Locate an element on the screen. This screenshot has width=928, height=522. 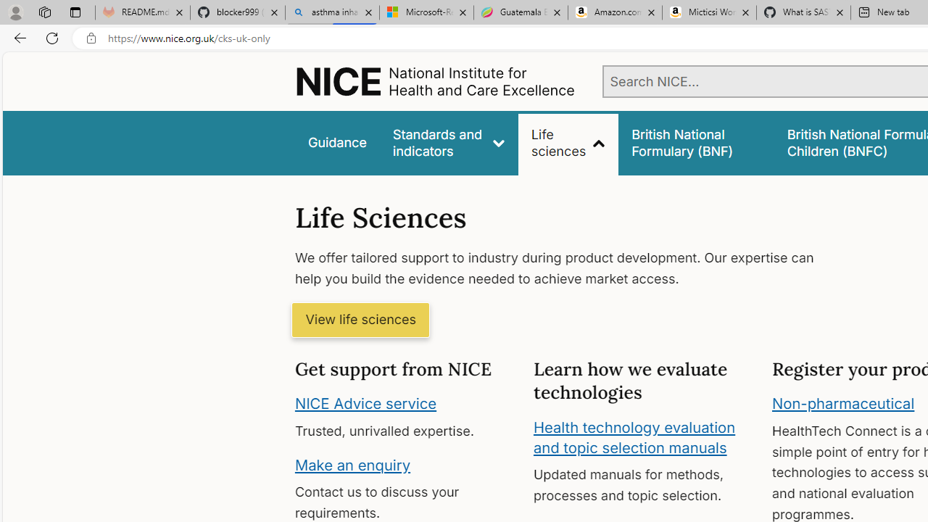
'Guidance' is located at coordinates (336, 143).